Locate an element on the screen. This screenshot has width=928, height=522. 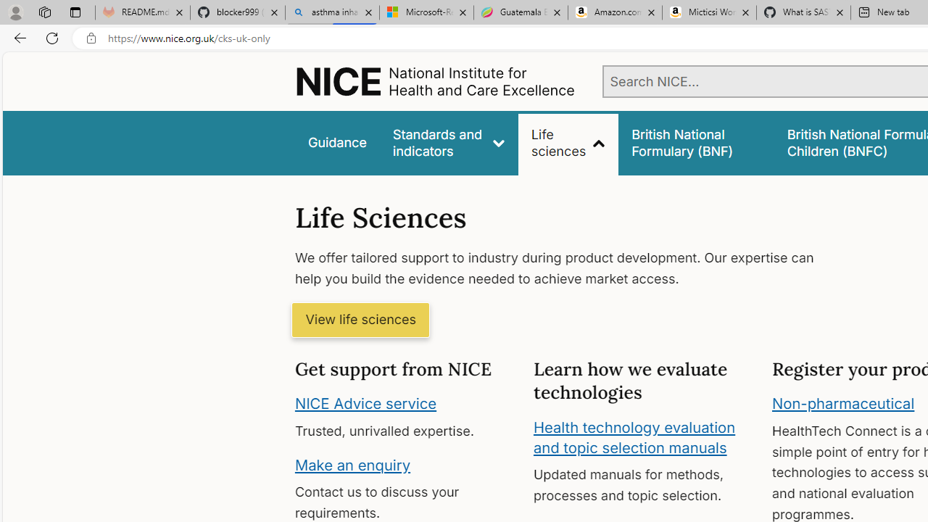
'Guidance' is located at coordinates (336, 143).